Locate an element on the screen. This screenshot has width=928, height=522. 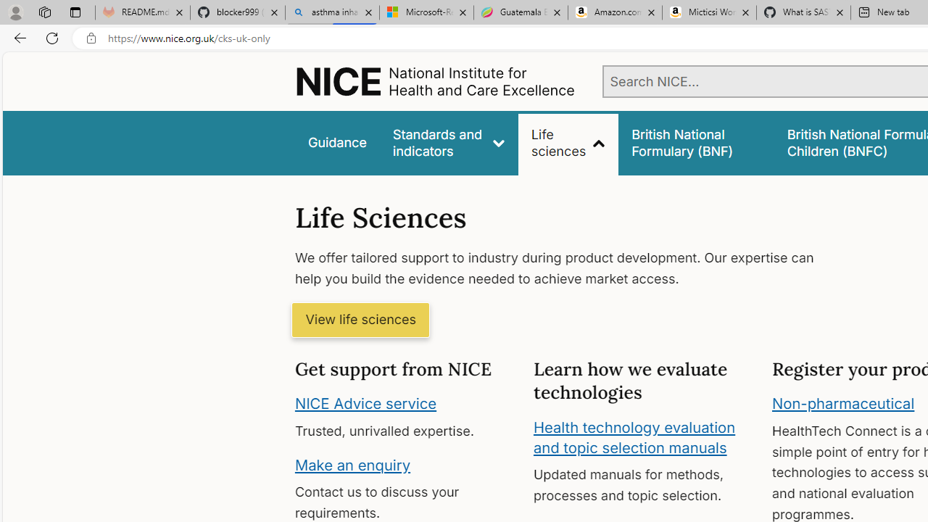
'Guidance' is located at coordinates (336, 143).